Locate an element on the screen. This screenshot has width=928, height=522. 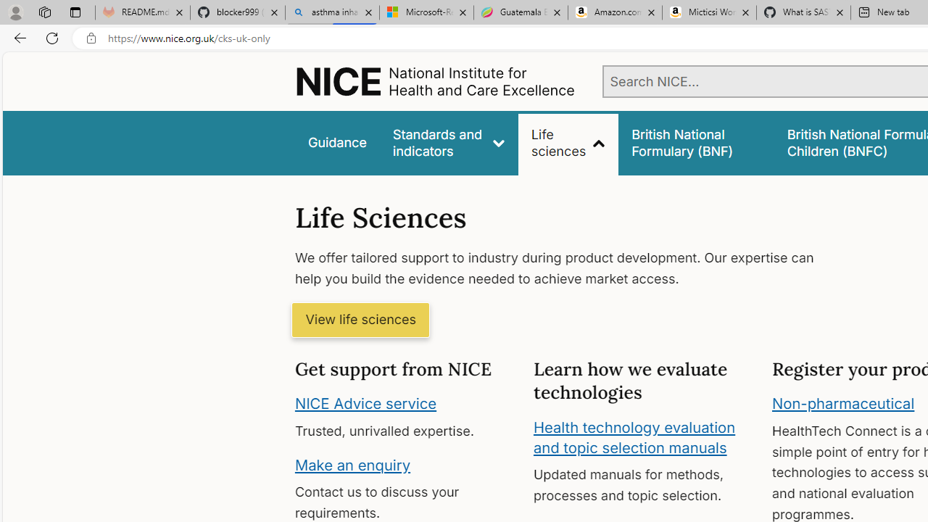
'Guidance' is located at coordinates (336, 143).